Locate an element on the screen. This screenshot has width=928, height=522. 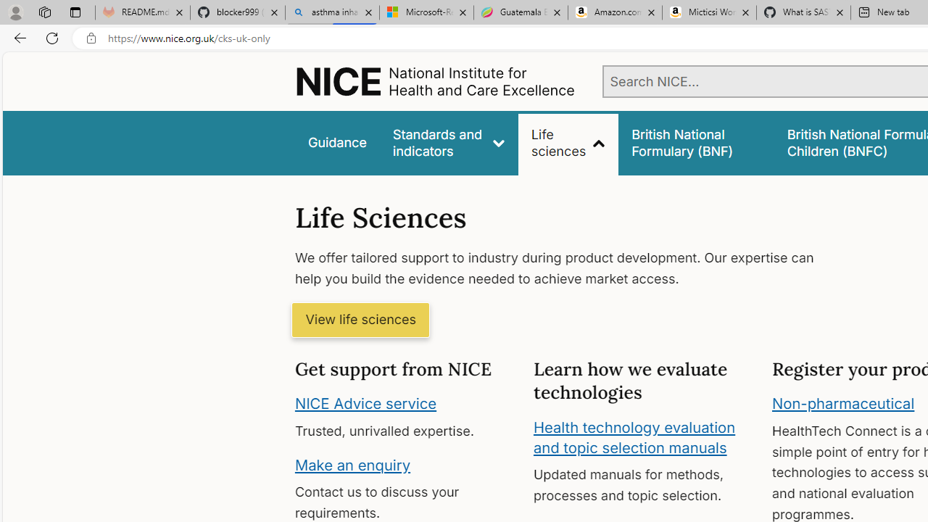
'Guidance' is located at coordinates (336, 143).